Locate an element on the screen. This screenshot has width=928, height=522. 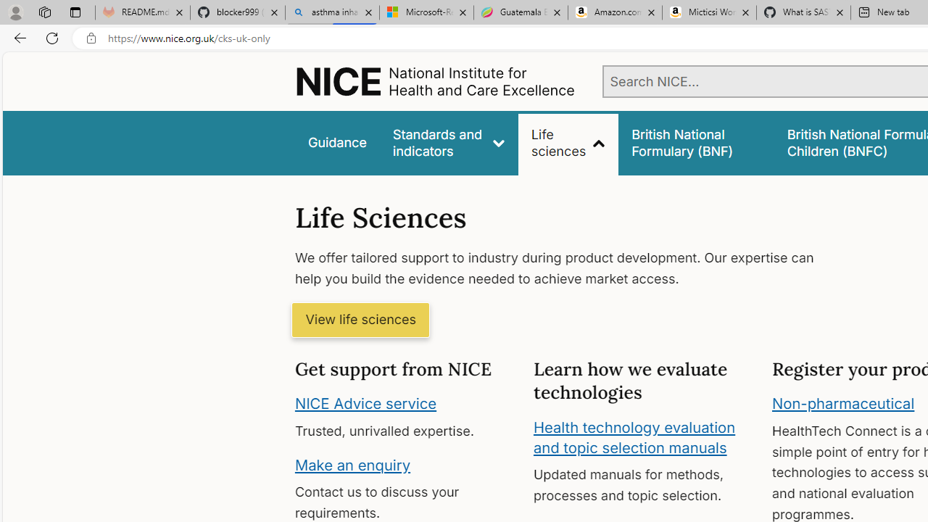
'Guidance' is located at coordinates (336, 143).